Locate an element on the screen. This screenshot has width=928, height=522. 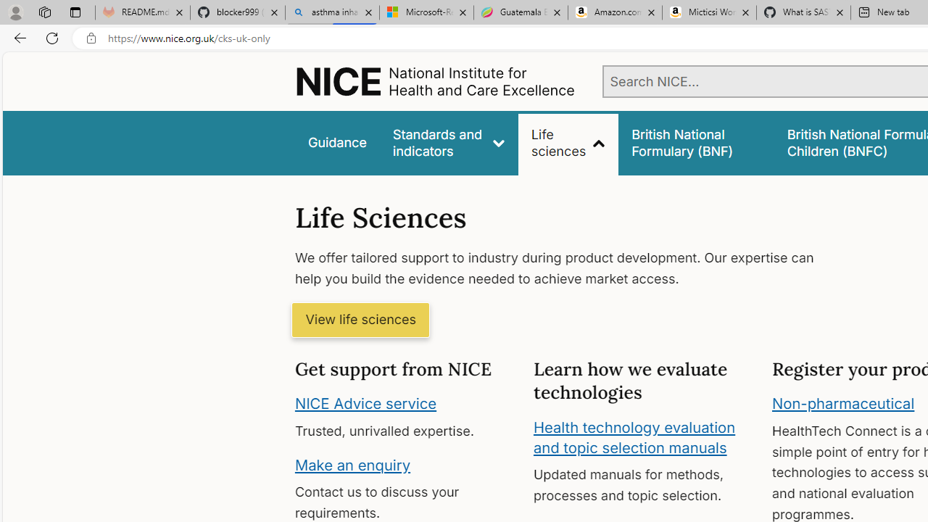
'Guidance' is located at coordinates (336, 143).